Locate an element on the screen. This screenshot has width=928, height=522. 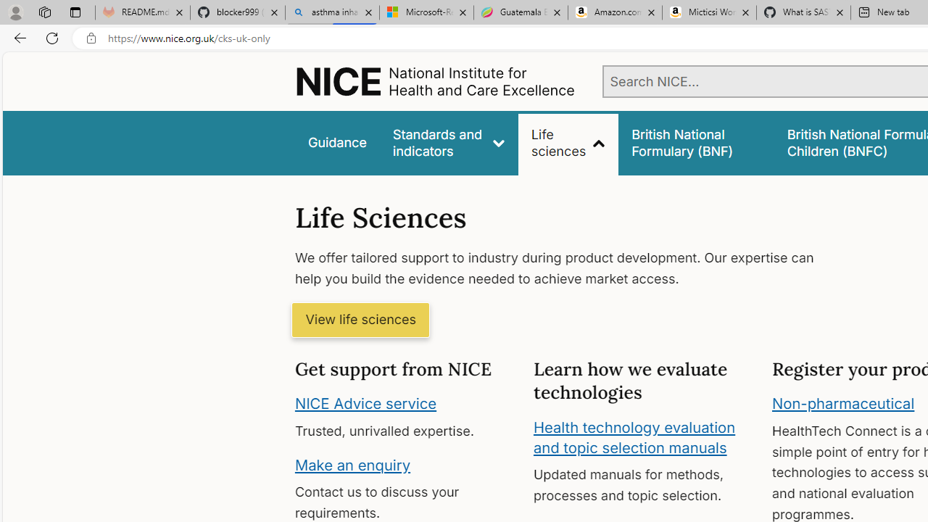
'Guidance' is located at coordinates (336, 143).